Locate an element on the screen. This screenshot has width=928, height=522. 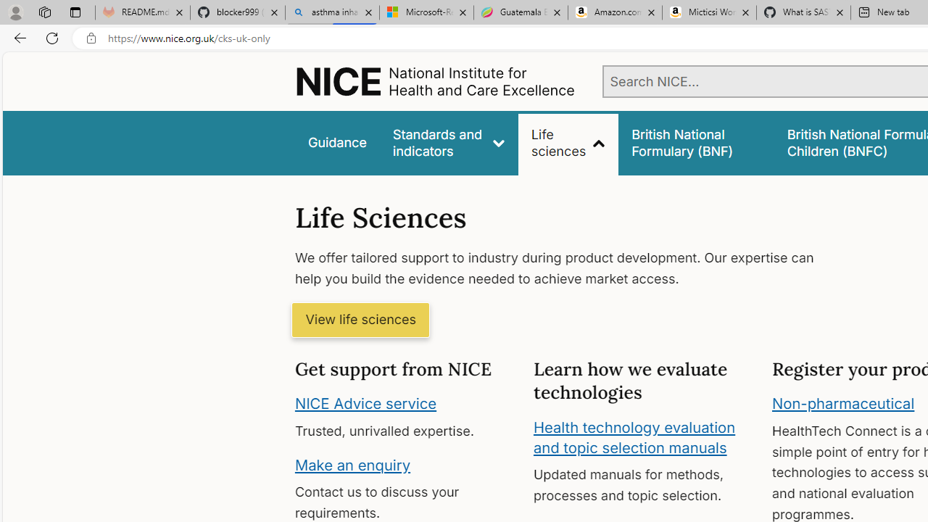
'Guidance' is located at coordinates (336, 143).